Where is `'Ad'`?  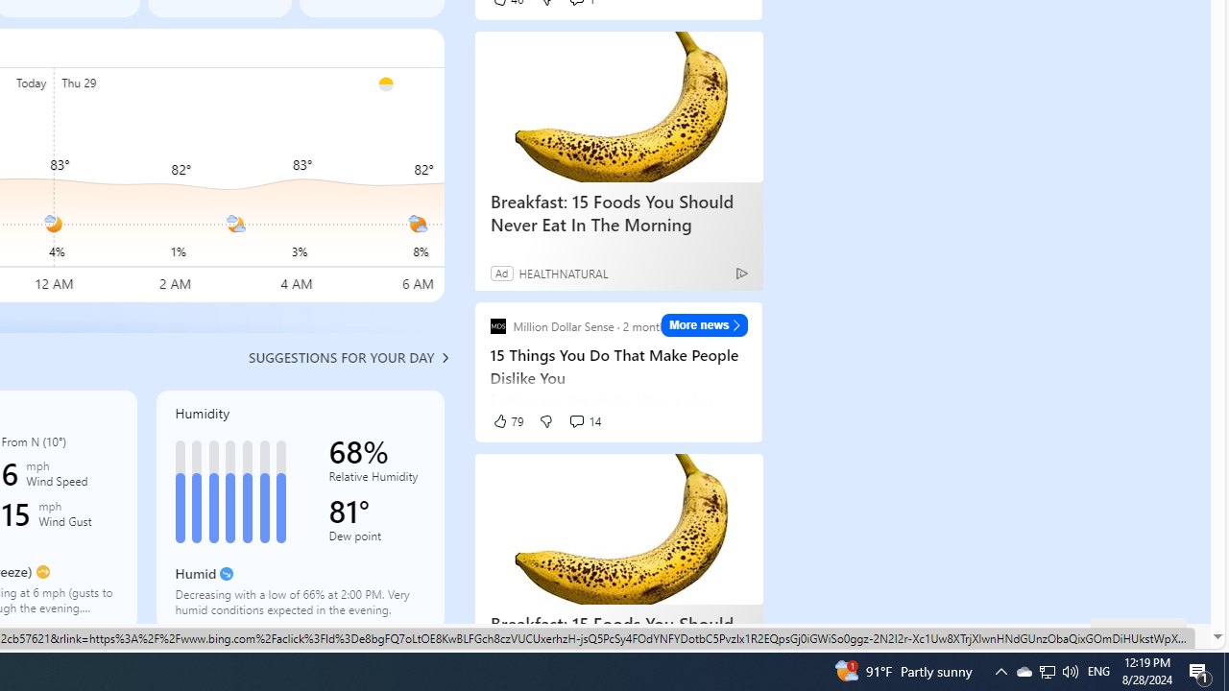
'Ad' is located at coordinates (501, 273).